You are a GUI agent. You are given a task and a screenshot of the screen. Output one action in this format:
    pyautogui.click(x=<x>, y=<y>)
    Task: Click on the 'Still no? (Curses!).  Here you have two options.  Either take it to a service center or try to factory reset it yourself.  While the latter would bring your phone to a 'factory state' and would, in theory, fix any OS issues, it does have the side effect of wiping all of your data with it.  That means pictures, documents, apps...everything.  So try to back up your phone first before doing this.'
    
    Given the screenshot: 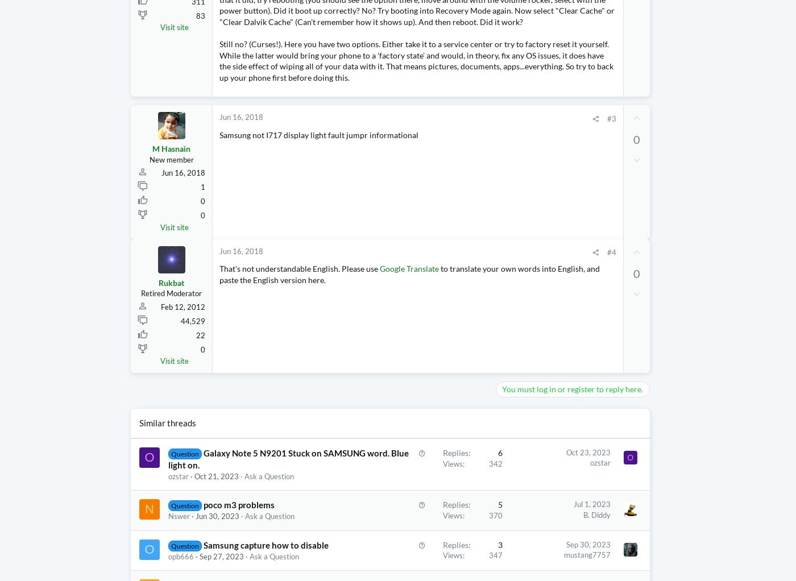 What is the action you would take?
    pyautogui.click(x=219, y=82)
    